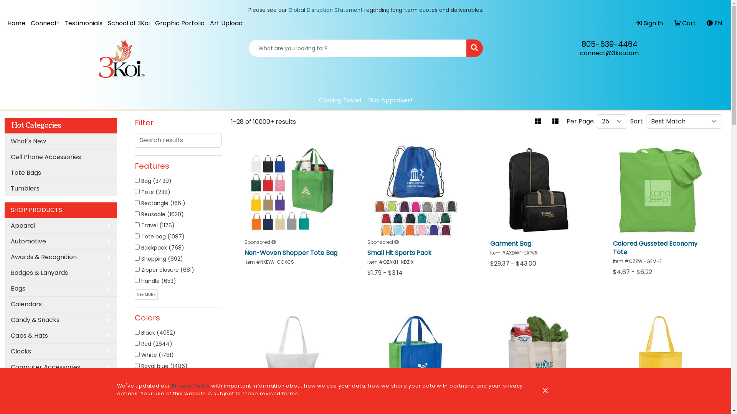 This screenshot has width=737, height=414. I want to click on '3Koi Approves!', so click(389, 100).